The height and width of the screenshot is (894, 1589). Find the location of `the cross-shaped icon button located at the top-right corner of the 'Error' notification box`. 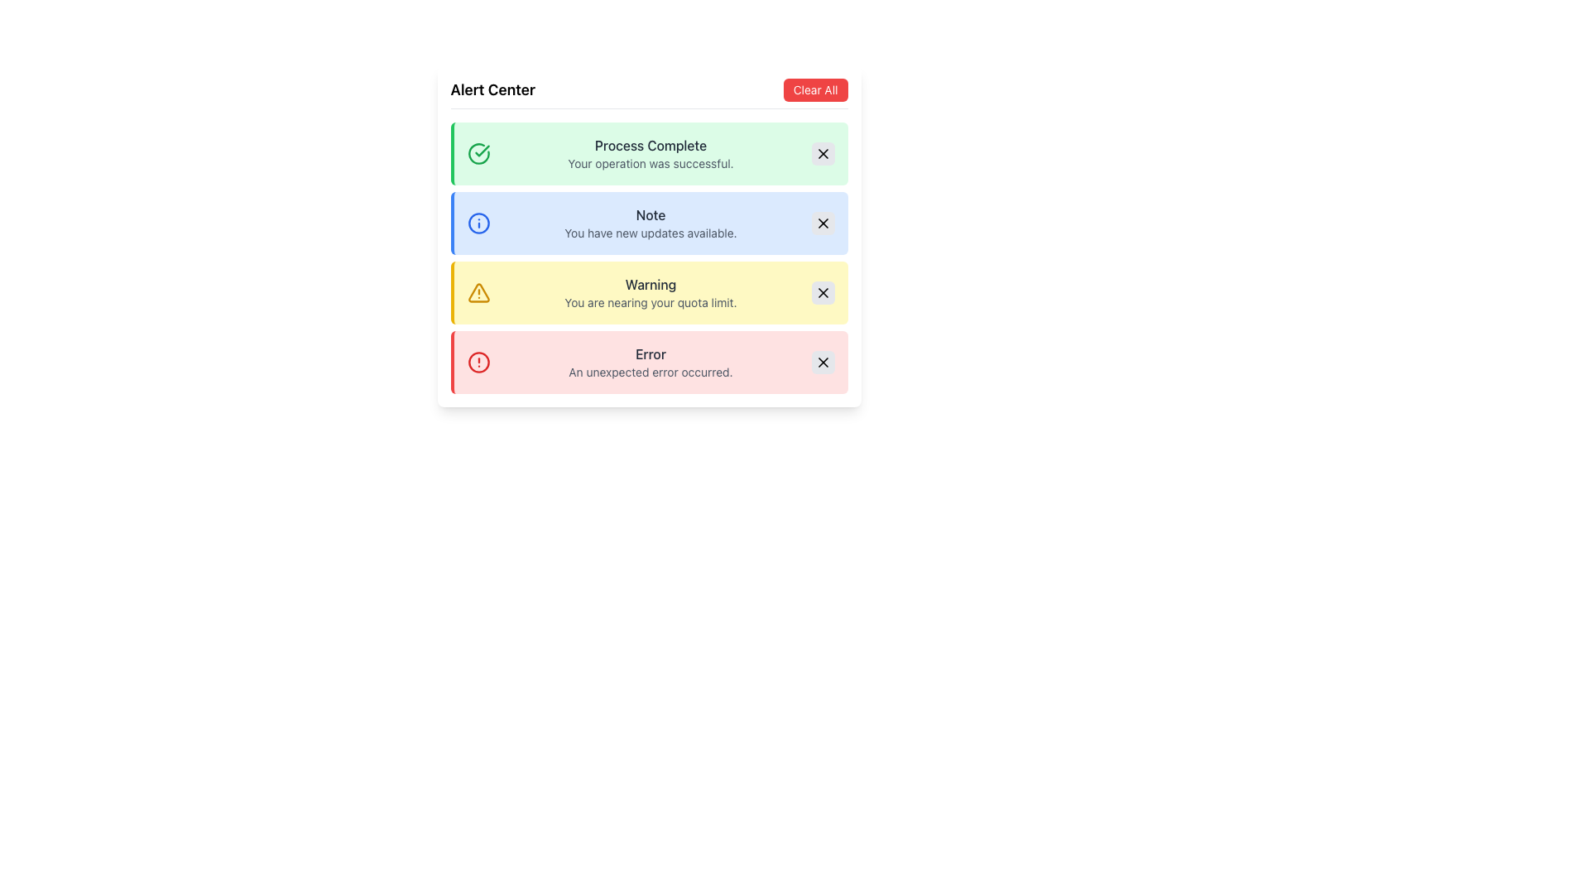

the cross-shaped icon button located at the top-right corner of the 'Error' notification box is located at coordinates (823, 362).